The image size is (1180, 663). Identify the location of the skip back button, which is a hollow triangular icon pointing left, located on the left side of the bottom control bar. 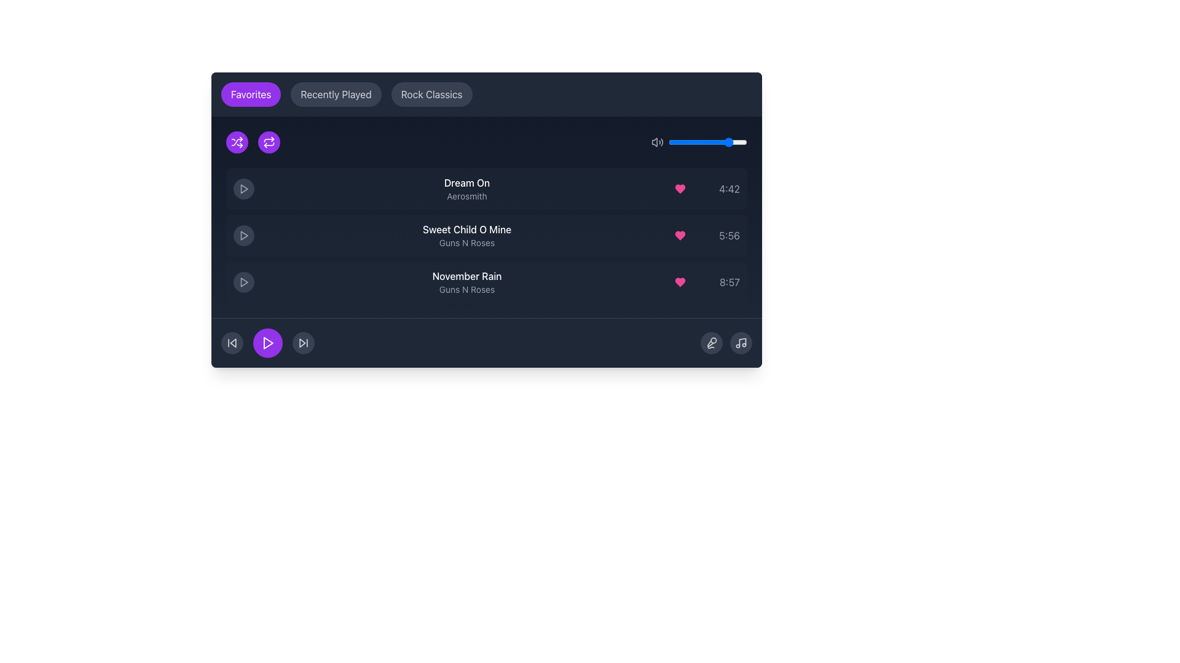
(232, 343).